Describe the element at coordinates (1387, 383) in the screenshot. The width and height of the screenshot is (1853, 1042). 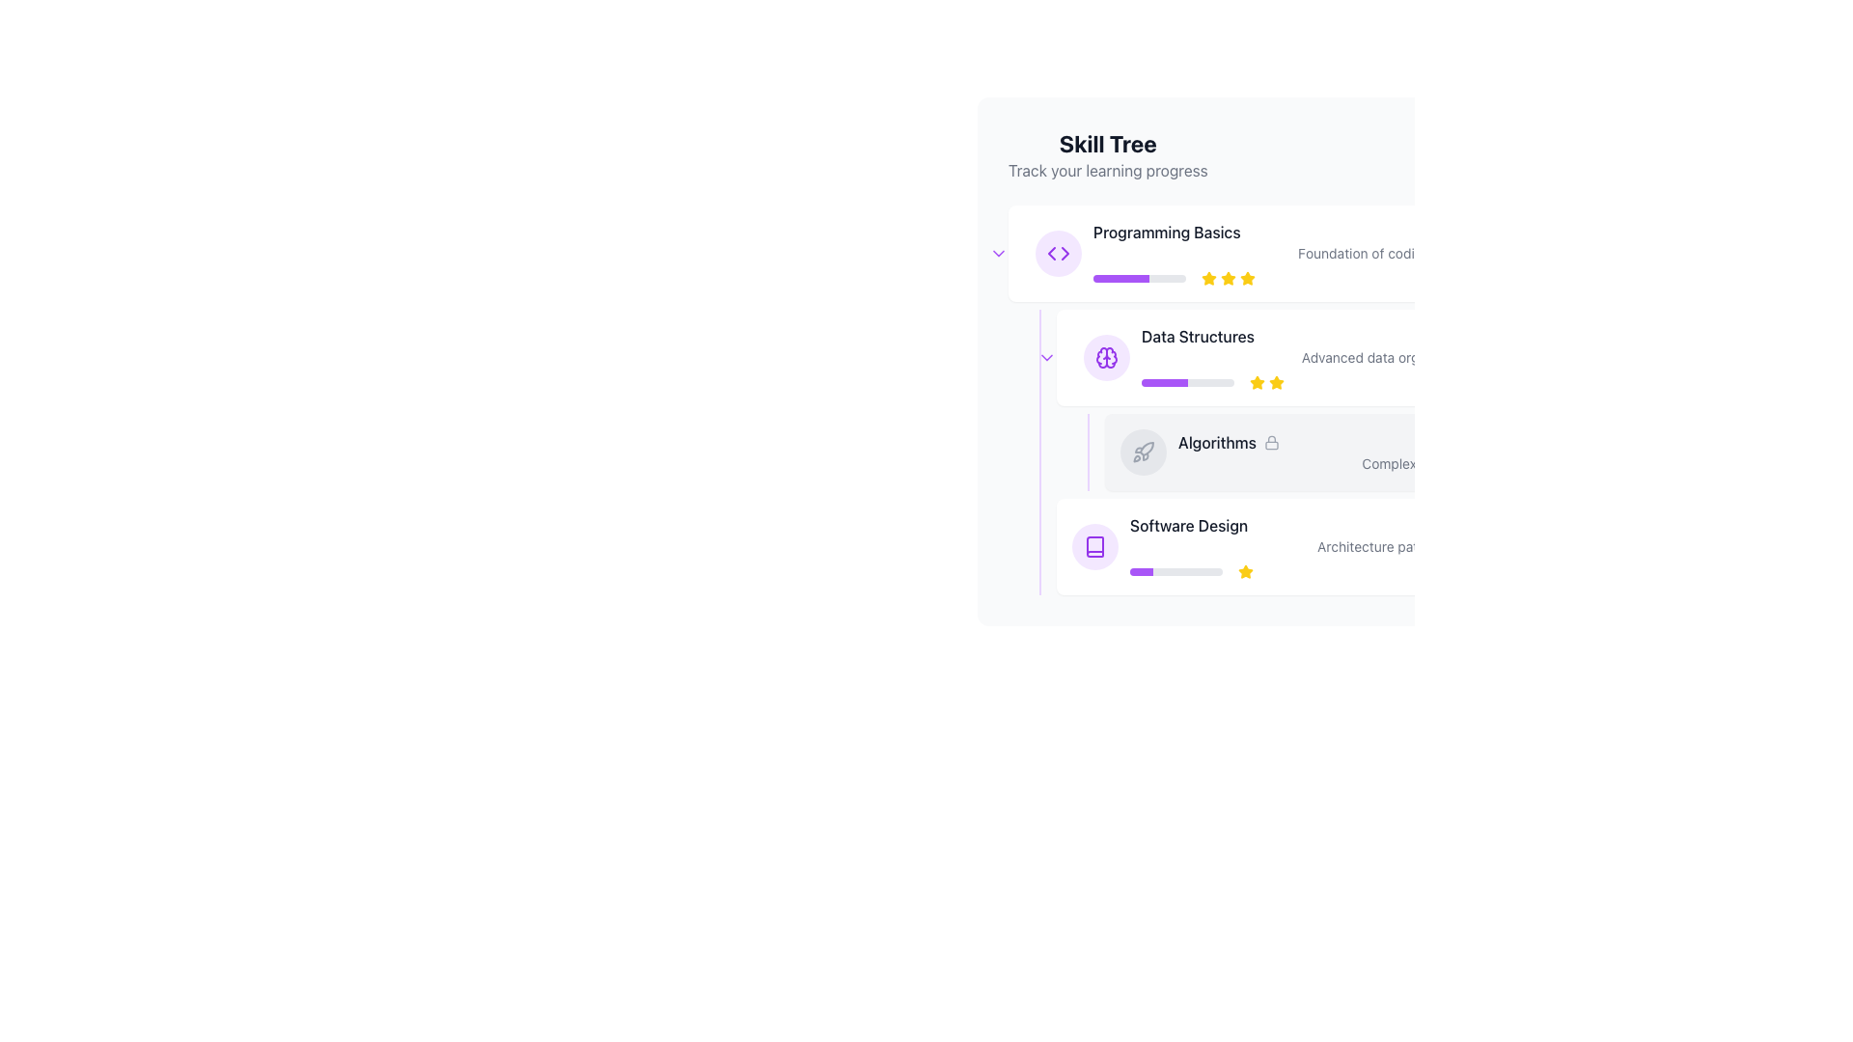
I see `the progress bar located in the 'Data Structures' section of the skill tree interface to jump to details` at that location.